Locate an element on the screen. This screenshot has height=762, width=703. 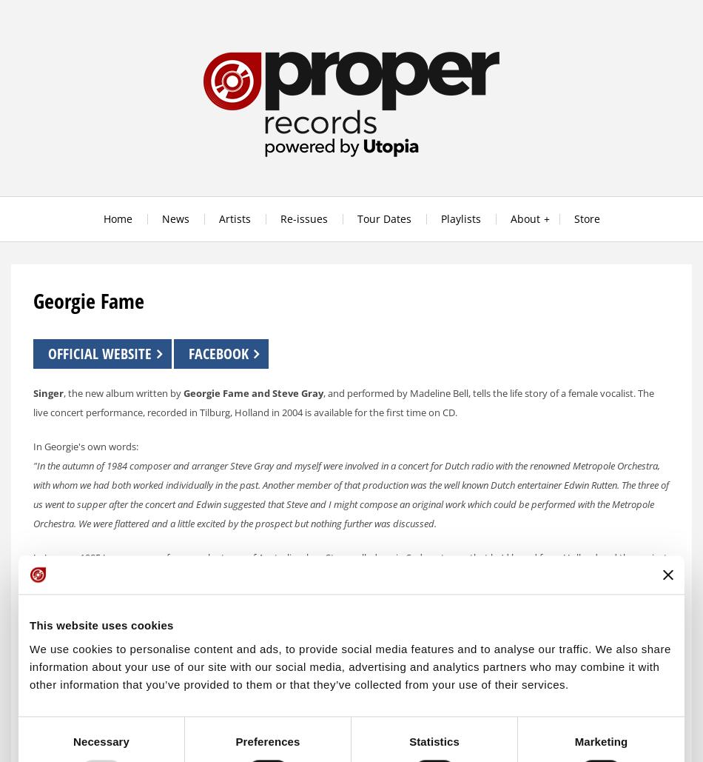
'statistics, marketing' is located at coordinates (319, 702).